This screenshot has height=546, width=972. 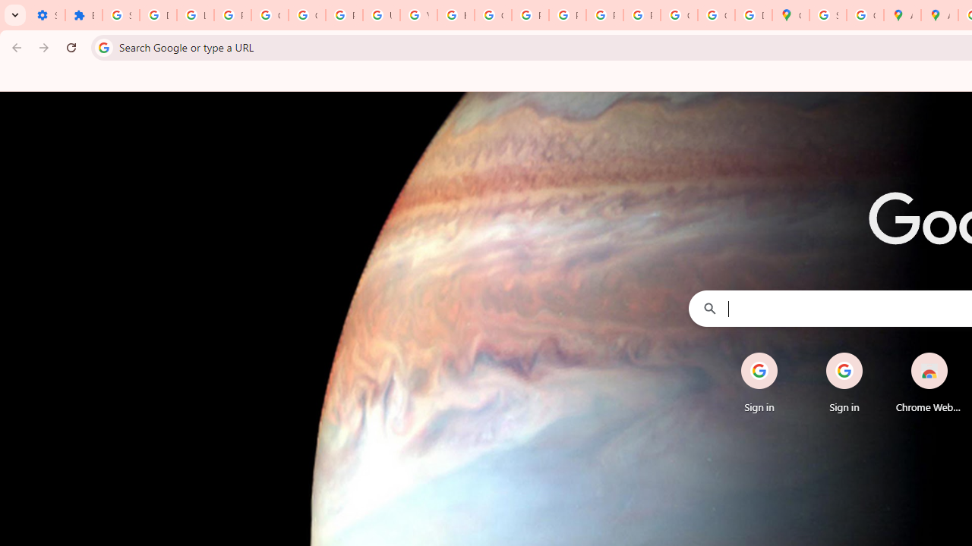 I want to click on 'https://scholar.google.com/', so click(x=455, y=15).